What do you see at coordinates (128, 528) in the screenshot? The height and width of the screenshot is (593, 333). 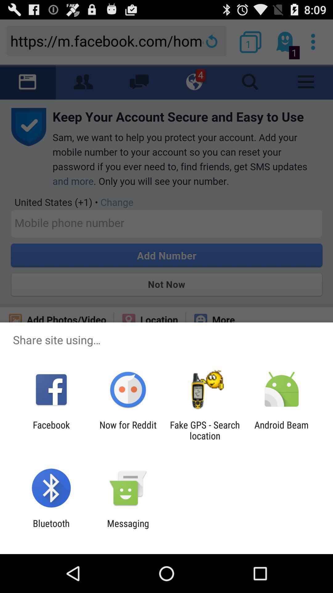 I see `the messaging app` at bounding box center [128, 528].